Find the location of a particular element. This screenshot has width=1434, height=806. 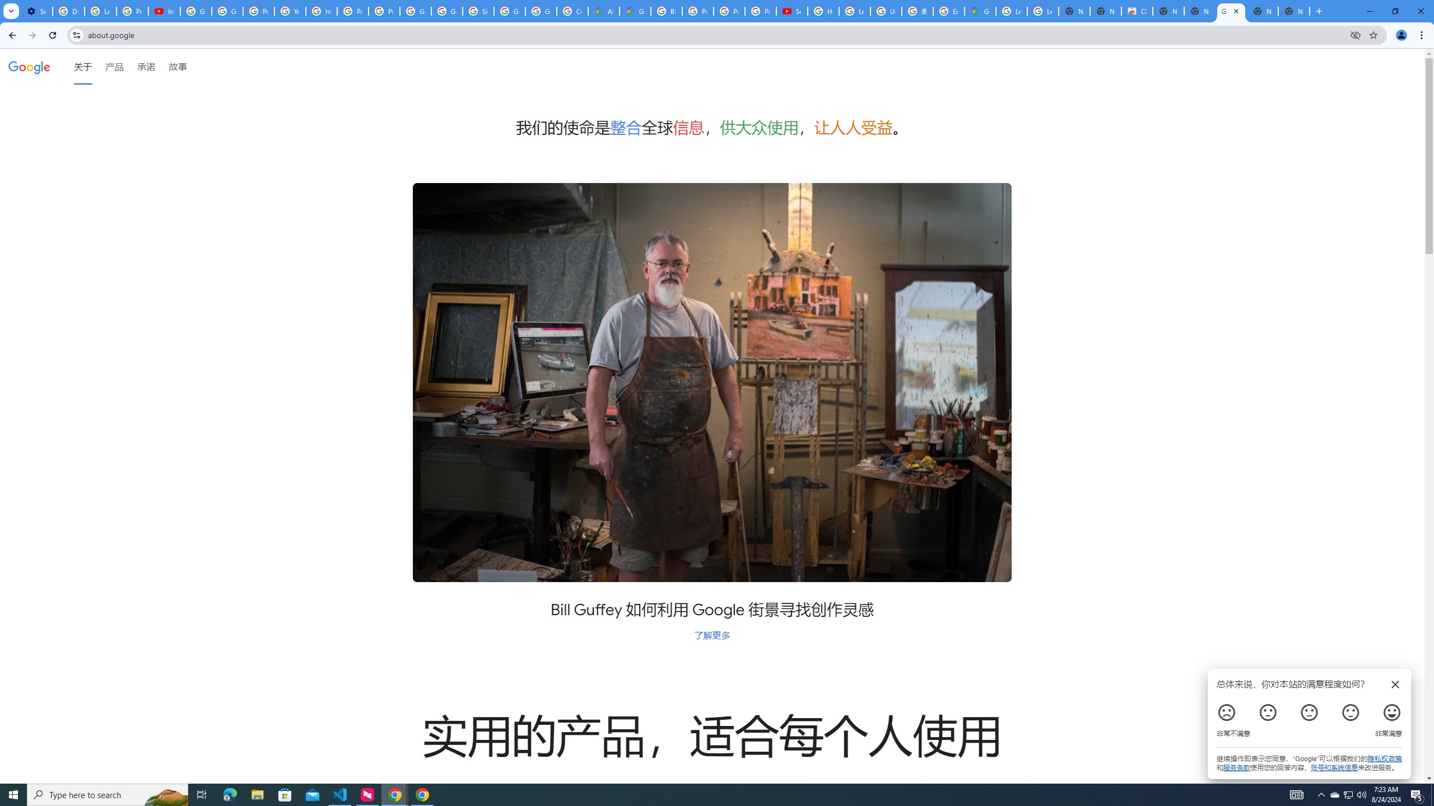

'Settings - Customize profile' is located at coordinates (36, 11).